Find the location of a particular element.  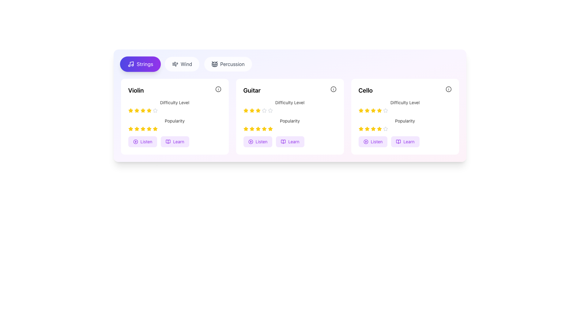

the third star in the 5-star rating system representing the popularity rating of the 'Guitar' in the 'Popularity' section of the second card is located at coordinates (252, 128).